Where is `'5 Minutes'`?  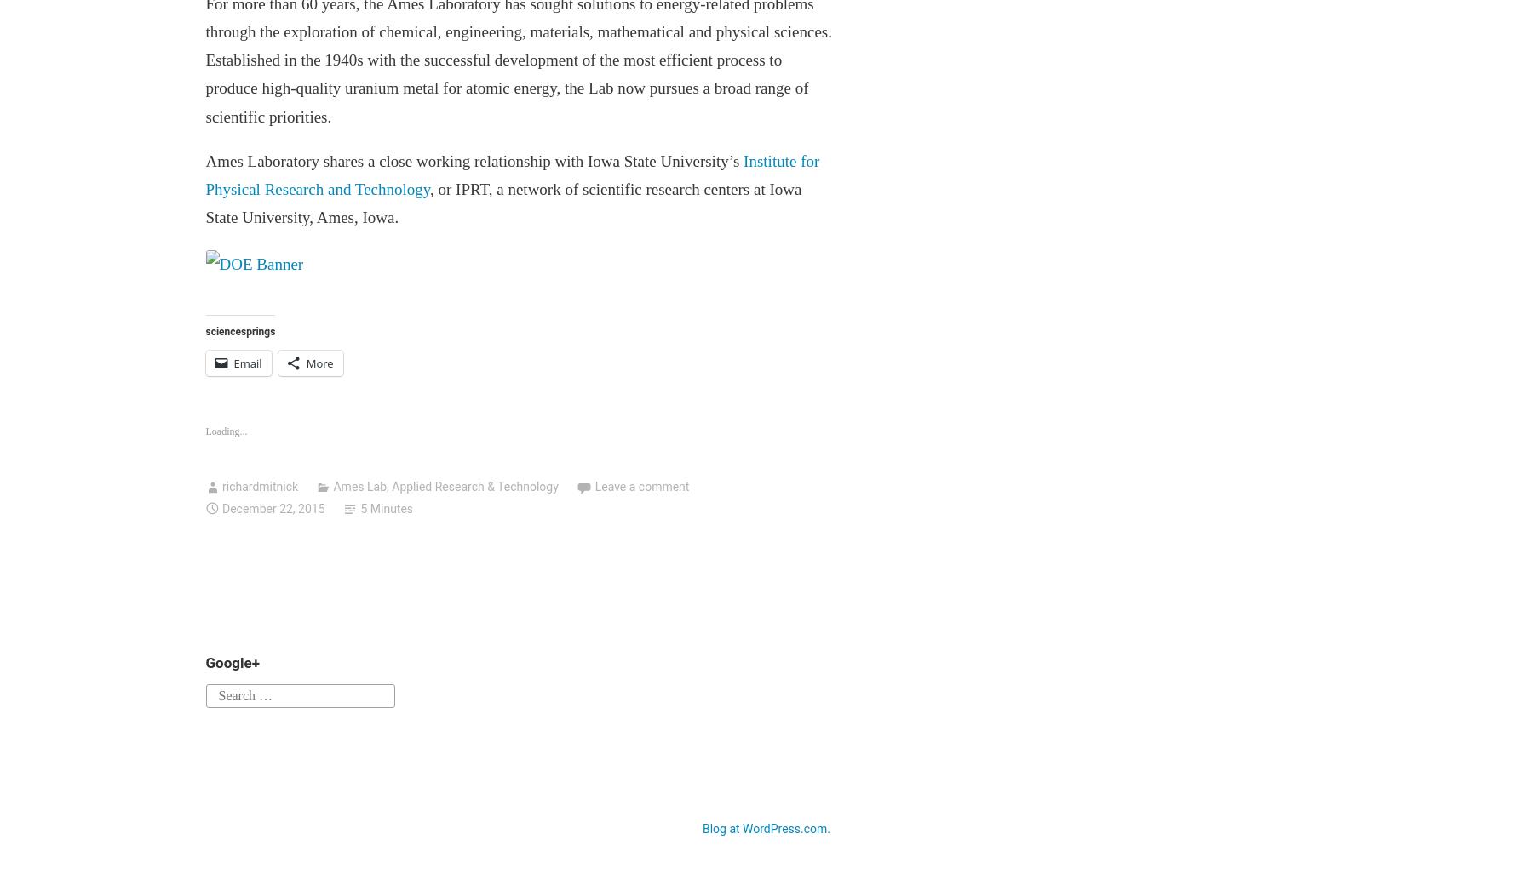
'5 Minutes' is located at coordinates (385, 506).